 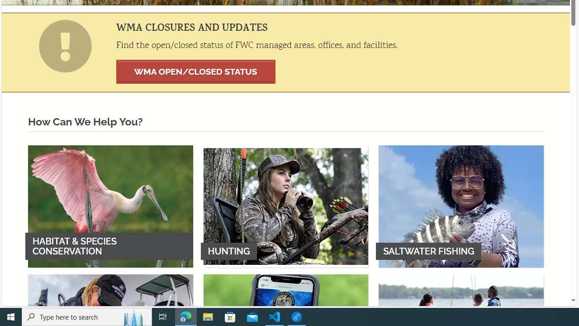 I want to click on 'HUNTING', so click(x=285, y=206).